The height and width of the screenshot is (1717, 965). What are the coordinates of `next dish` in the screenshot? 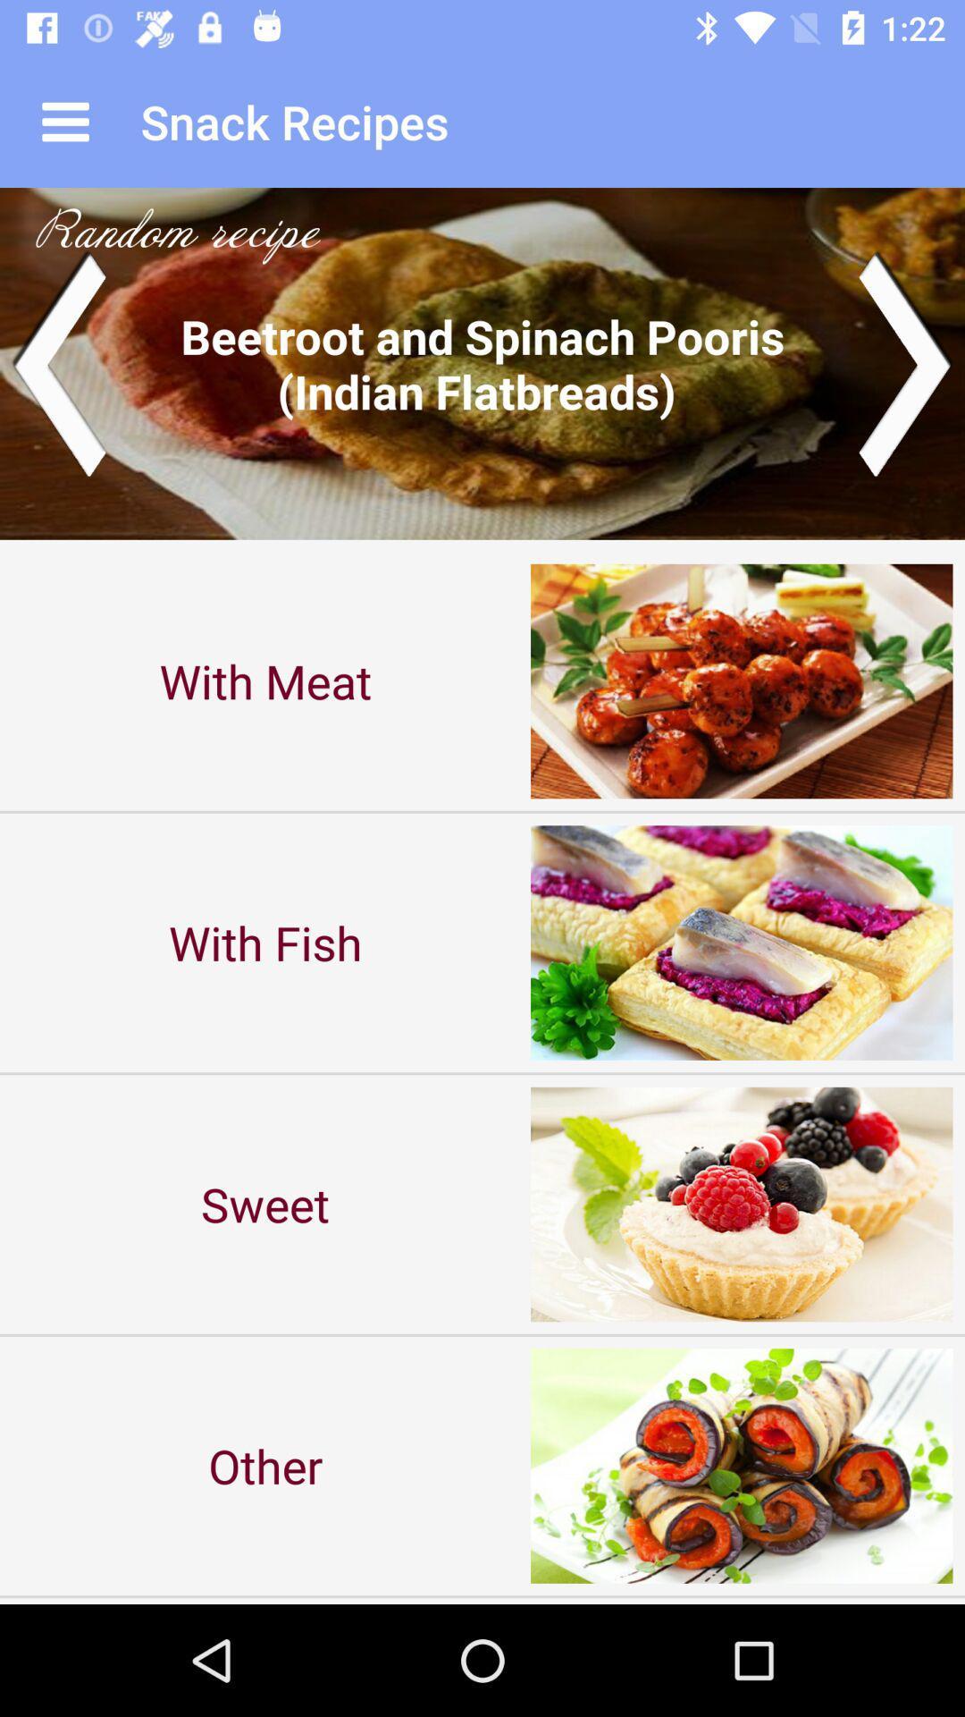 It's located at (482, 362).